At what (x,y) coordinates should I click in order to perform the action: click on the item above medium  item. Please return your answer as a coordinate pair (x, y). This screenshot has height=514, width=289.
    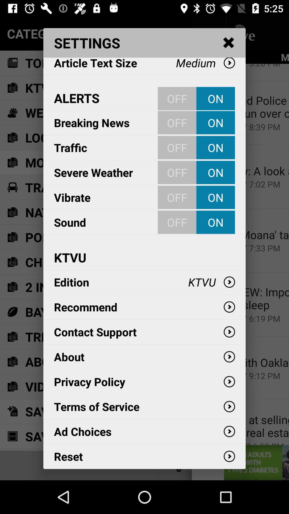
    Looking at the image, I should click on (229, 43).